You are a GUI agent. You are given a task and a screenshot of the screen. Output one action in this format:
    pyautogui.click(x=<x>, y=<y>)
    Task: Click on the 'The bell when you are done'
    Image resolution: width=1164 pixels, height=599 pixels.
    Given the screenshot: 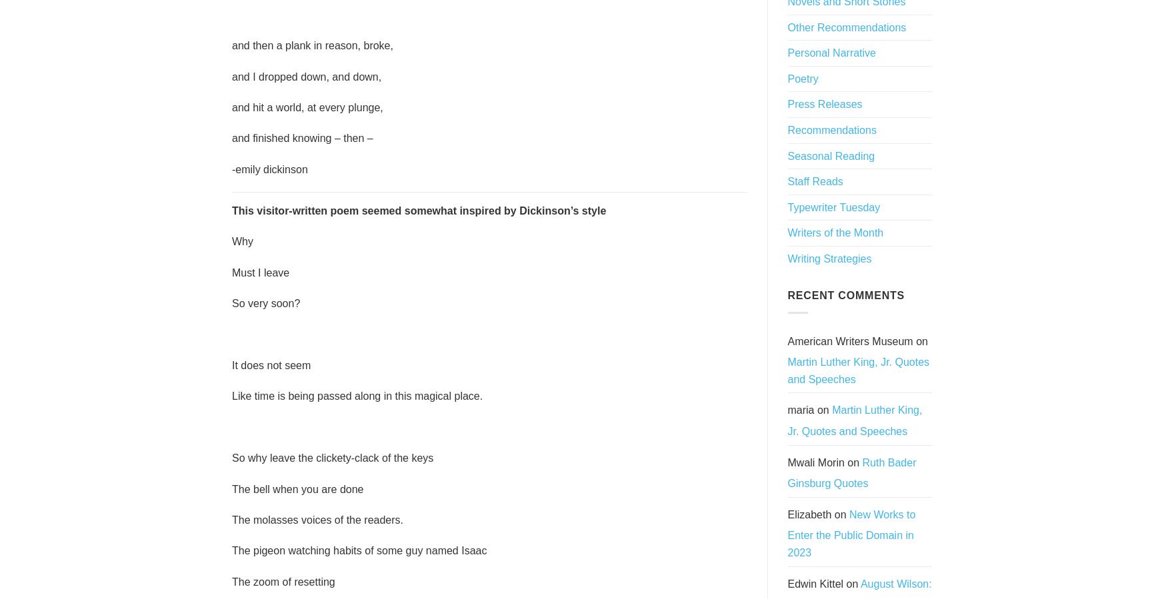 What is the action you would take?
    pyautogui.click(x=231, y=488)
    